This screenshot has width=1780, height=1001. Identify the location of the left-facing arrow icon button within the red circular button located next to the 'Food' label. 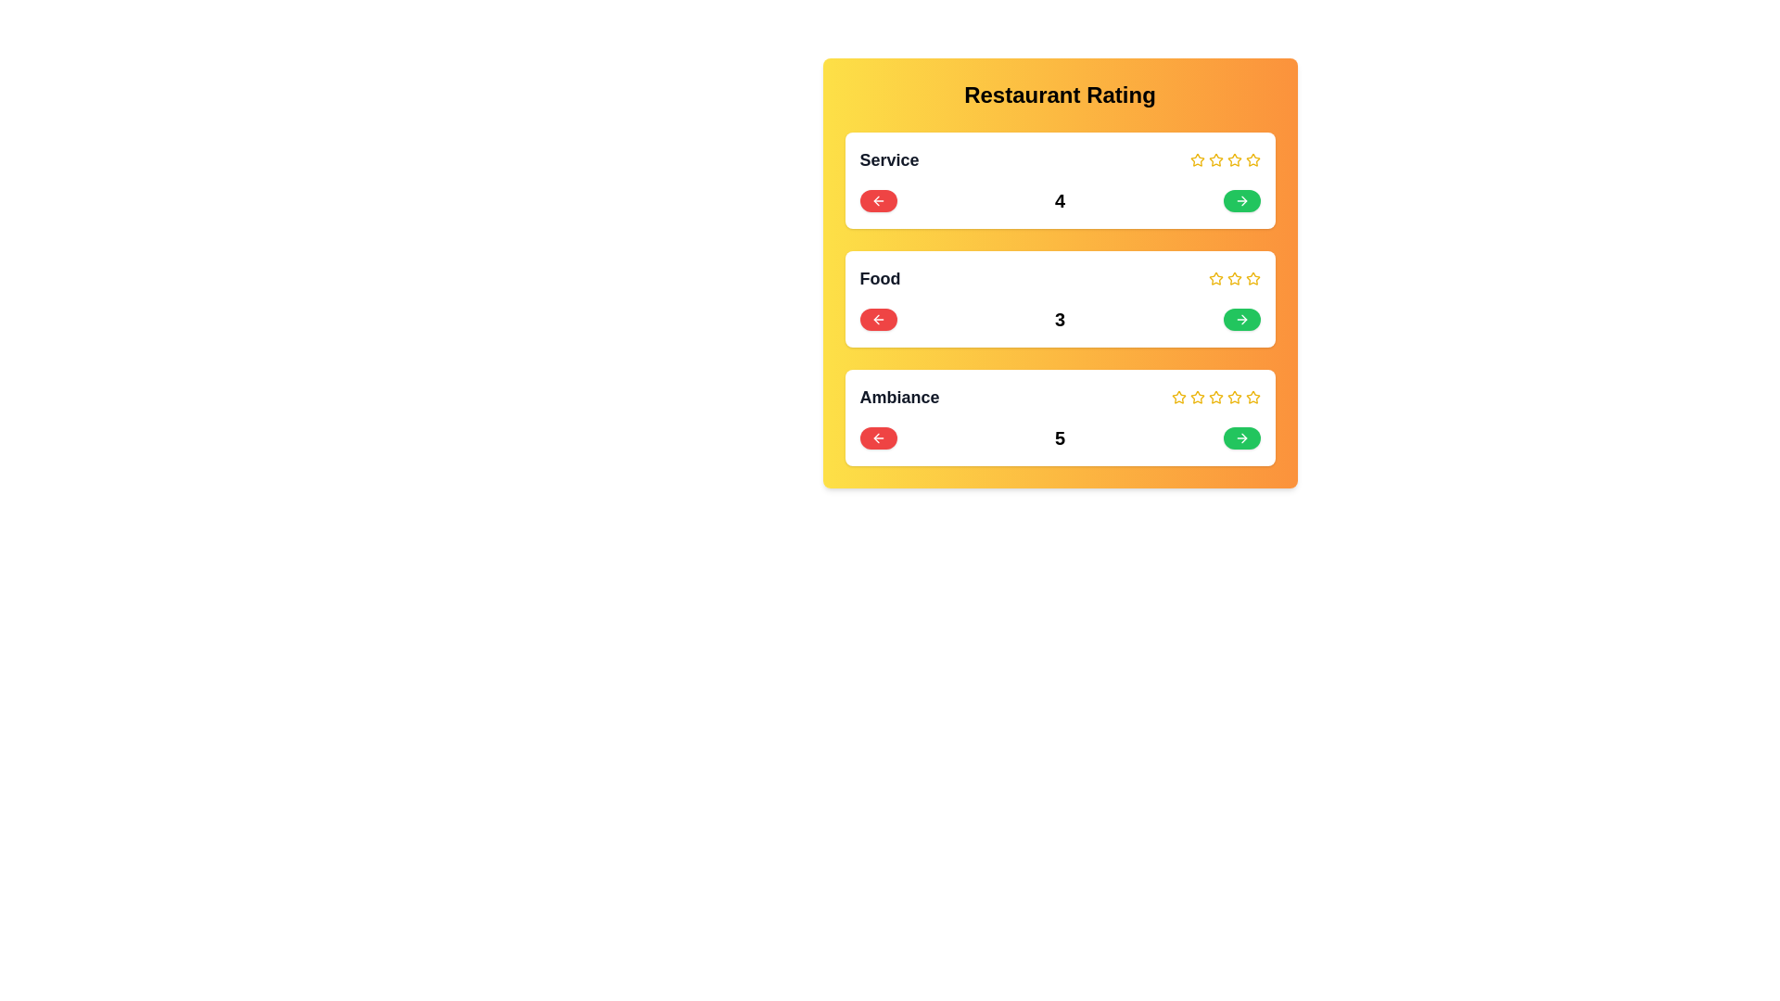
(877, 318).